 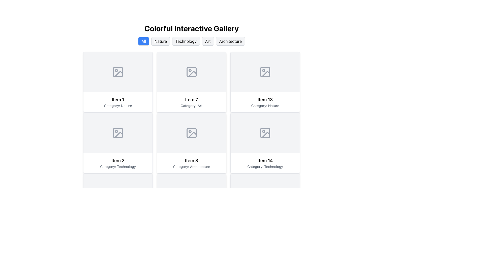 What do you see at coordinates (191, 72) in the screenshot?
I see `the Vector icon inside the card titled 'Item 7' with the subtitle 'Category: Art', which is the second item in the first row of the grid layout` at bounding box center [191, 72].